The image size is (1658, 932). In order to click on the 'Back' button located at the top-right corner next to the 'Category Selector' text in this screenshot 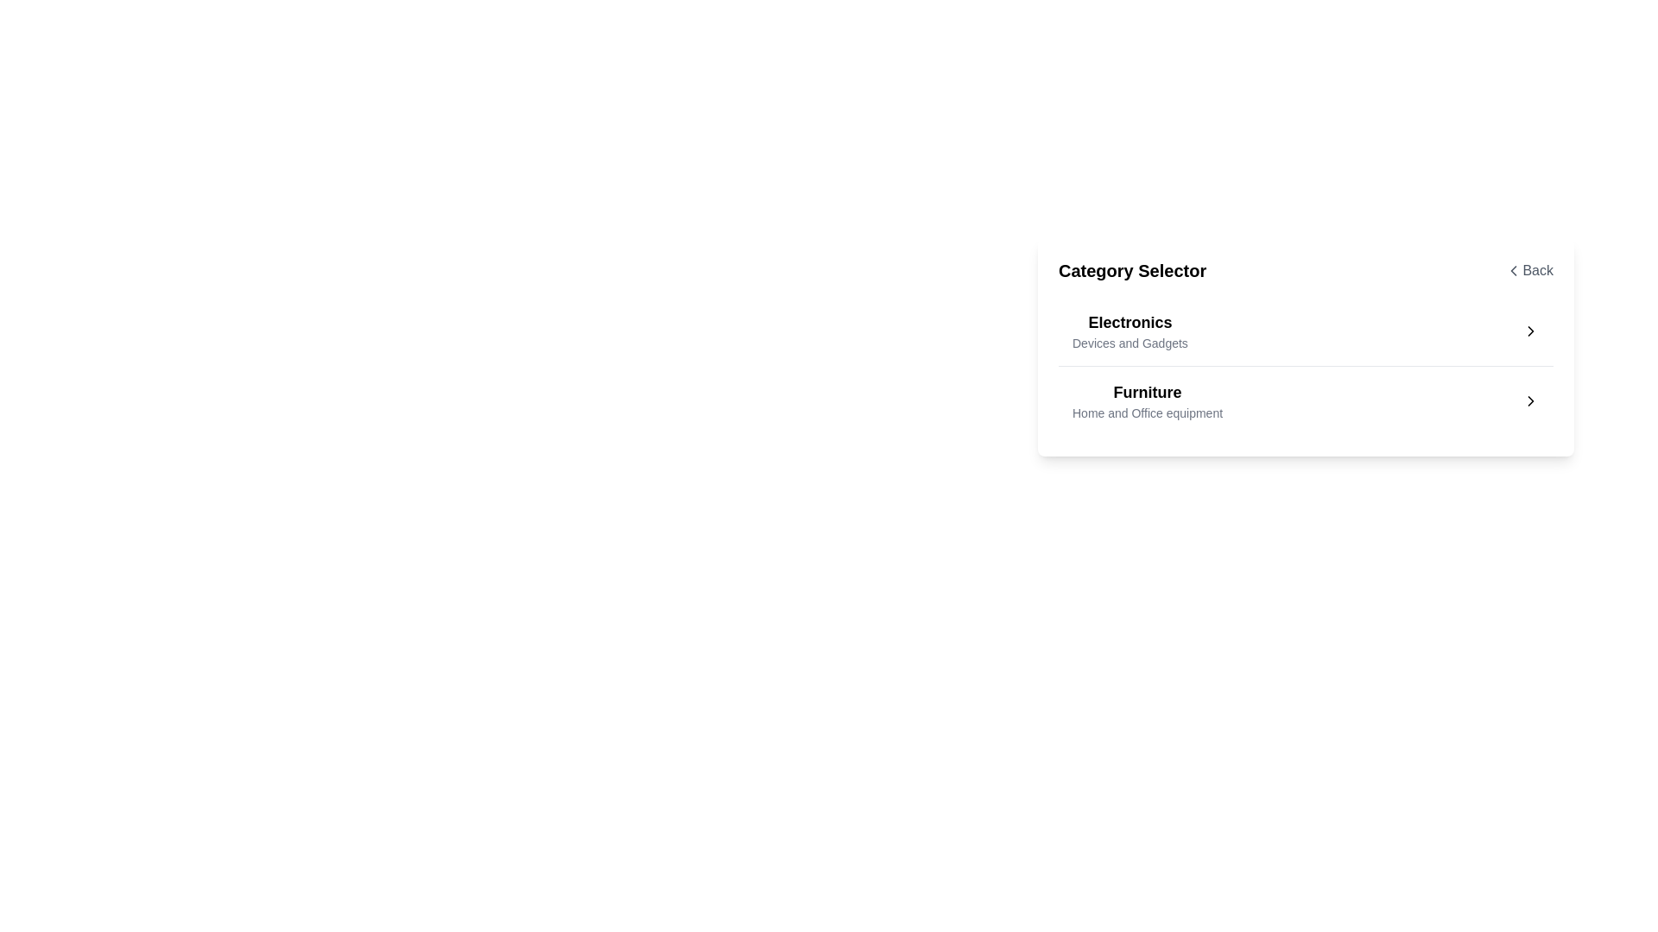, I will do `click(1529, 270)`.